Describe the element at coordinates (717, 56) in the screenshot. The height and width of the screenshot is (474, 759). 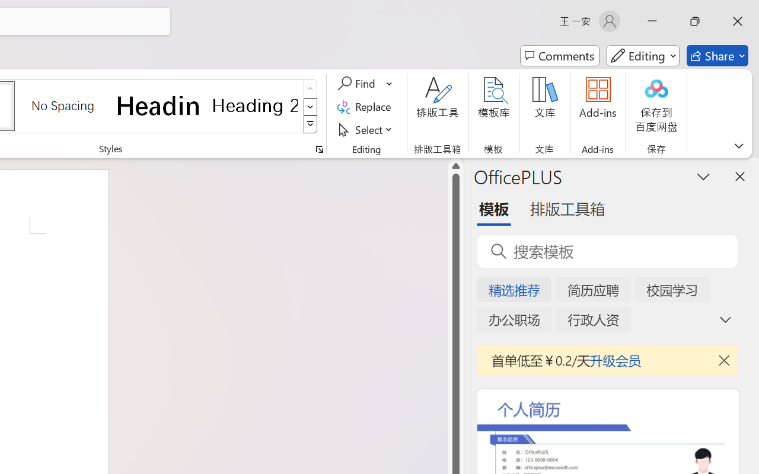
I see `'Share'` at that location.